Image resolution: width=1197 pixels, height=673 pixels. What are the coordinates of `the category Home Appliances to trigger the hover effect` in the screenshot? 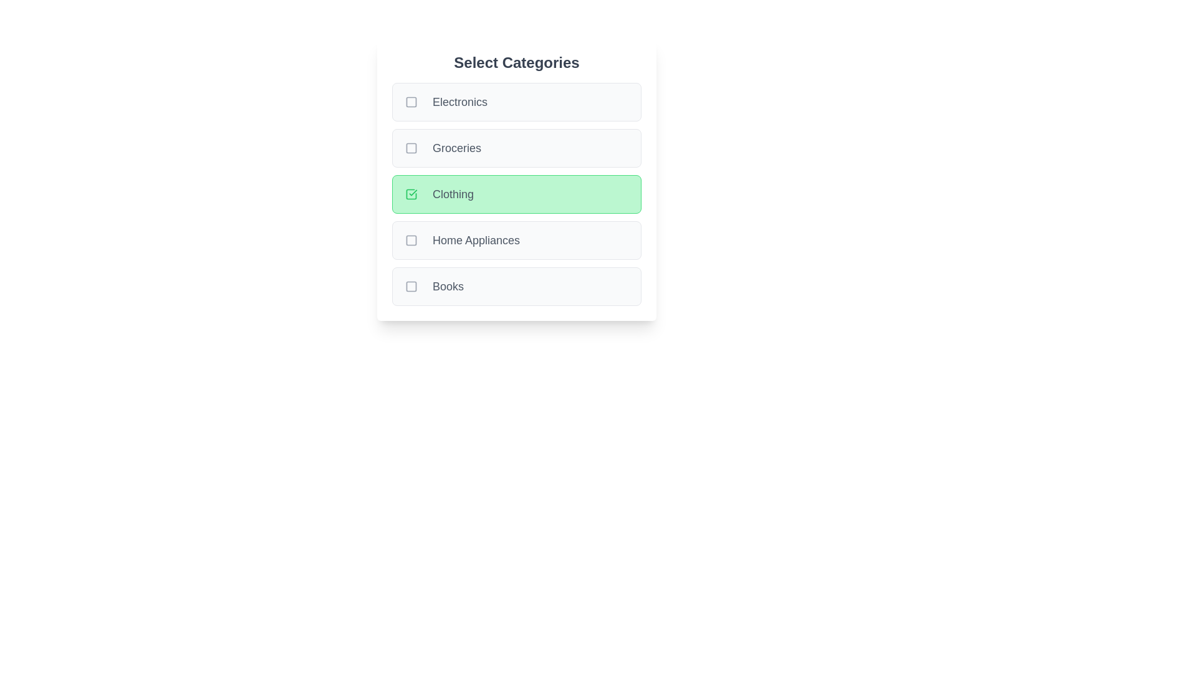 It's located at (517, 240).